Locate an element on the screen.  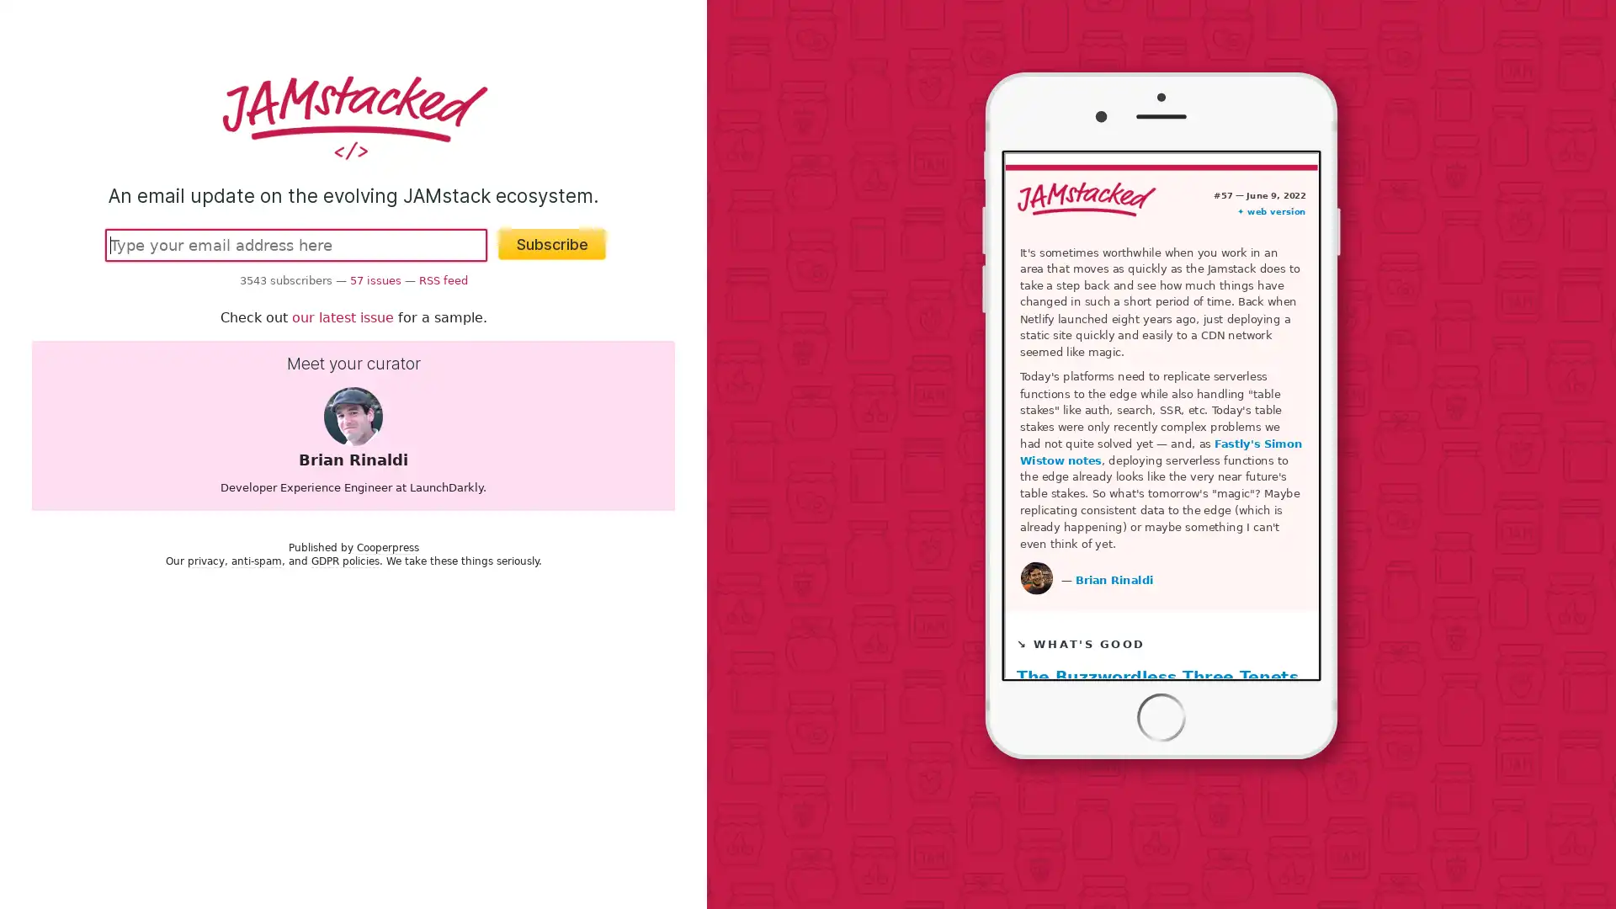
Subscribe is located at coordinates (552, 243).